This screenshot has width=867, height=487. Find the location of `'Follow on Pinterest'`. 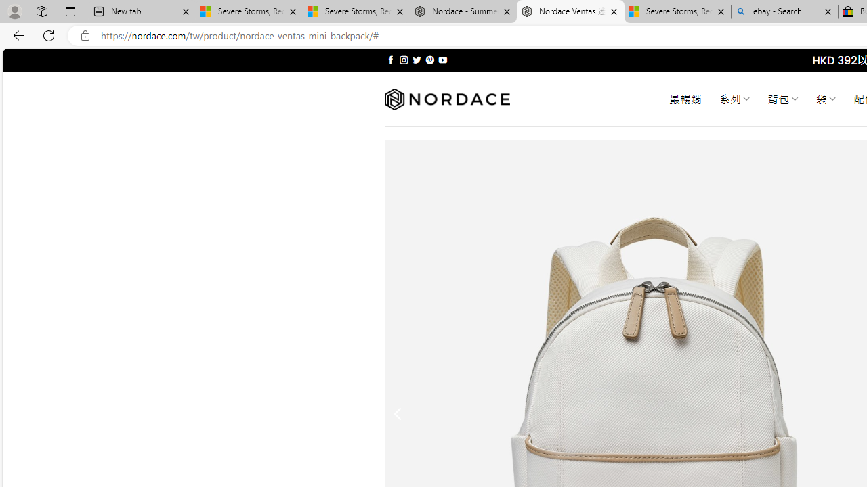

'Follow on Pinterest' is located at coordinates (429, 60).